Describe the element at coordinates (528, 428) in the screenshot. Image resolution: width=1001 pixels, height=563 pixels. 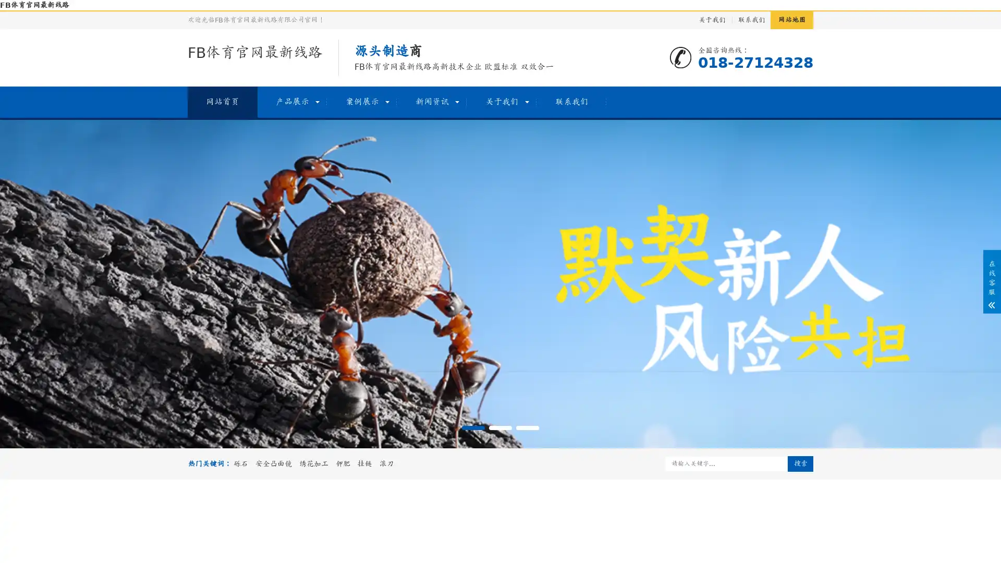
I see `Go to slide 3` at that location.